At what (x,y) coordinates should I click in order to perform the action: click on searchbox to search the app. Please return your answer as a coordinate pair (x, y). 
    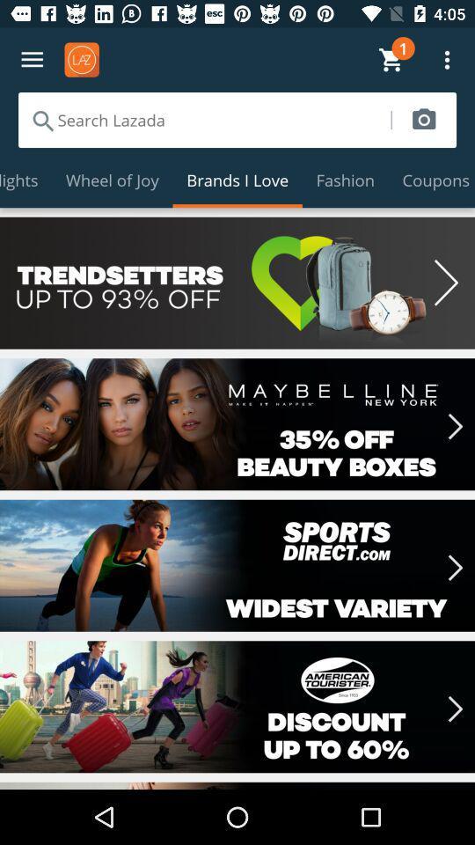
    Looking at the image, I should click on (203, 119).